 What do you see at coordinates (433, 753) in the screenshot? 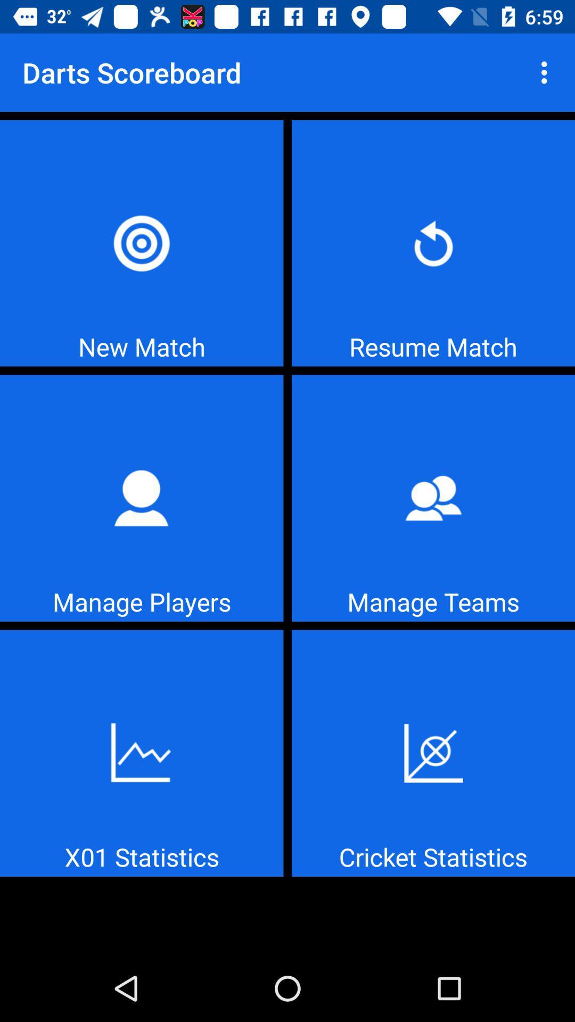
I see `cricket statistics` at bounding box center [433, 753].